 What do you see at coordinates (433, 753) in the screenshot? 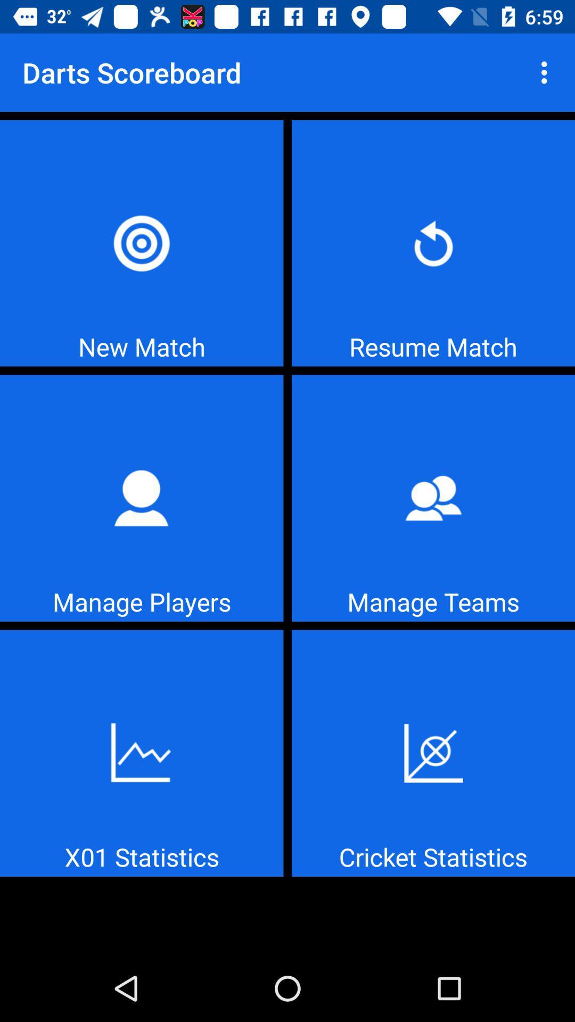
I see `cricket statistics` at bounding box center [433, 753].